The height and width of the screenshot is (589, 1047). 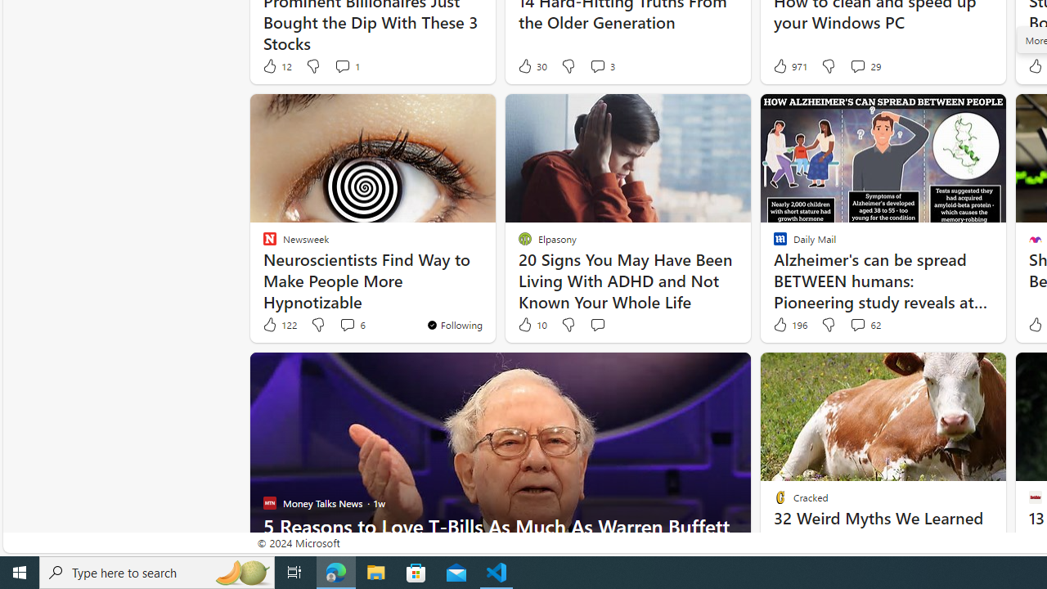 What do you see at coordinates (351, 325) in the screenshot?
I see `'View comments 6 Comment'` at bounding box center [351, 325].